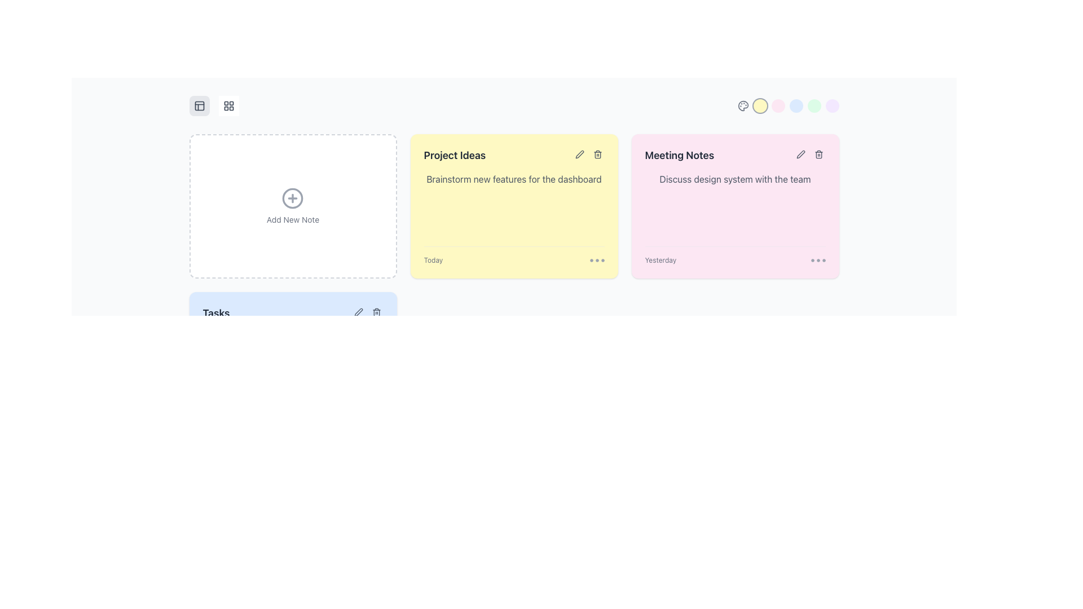  What do you see at coordinates (579, 154) in the screenshot?
I see `the pen icon in the upper-right corner of the 'Project Ideas' card` at bounding box center [579, 154].